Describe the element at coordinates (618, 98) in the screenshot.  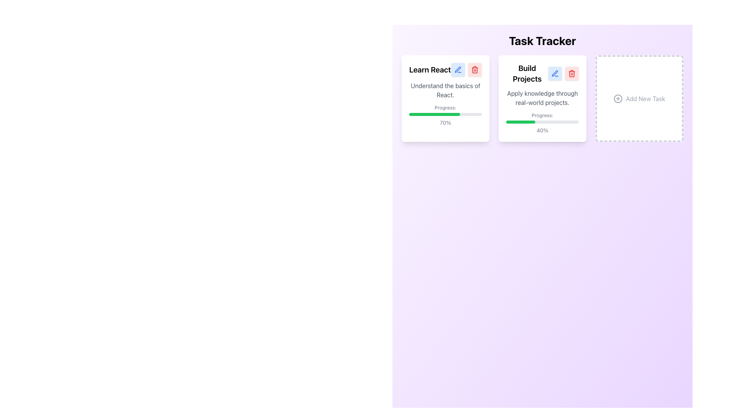
I see `the circular 'Add New Task' icon located in the rightmost column of the task management interface to initiate the task creation process` at that location.